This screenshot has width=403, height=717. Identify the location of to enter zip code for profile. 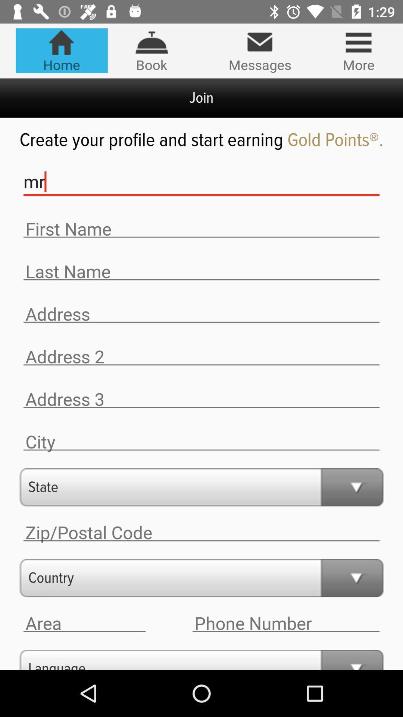
(201, 532).